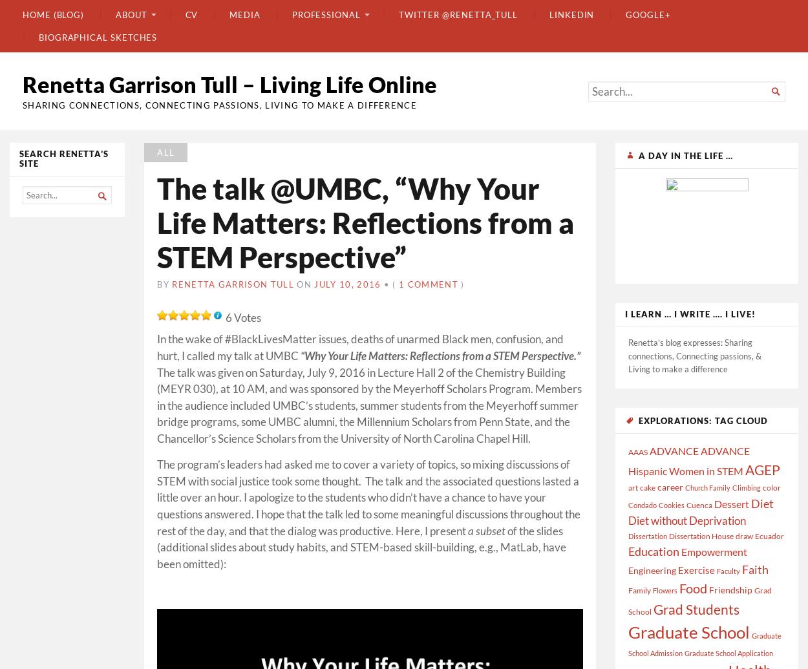 This screenshot has width=808, height=669. What do you see at coordinates (628, 643) in the screenshot?
I see `'Graduate School Admission'` at bounding box center [628, 643].